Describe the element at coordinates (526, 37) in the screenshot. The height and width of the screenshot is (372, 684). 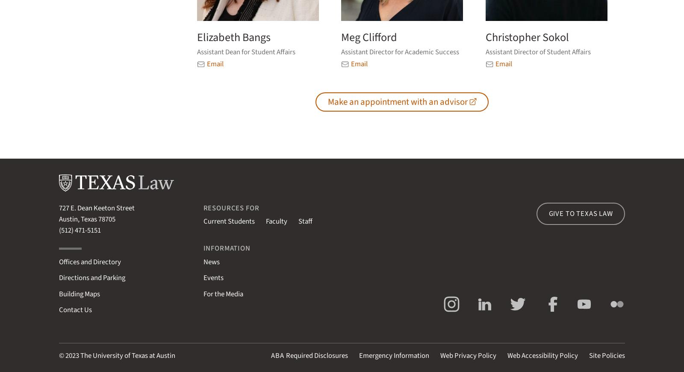
I see `'Christopher Sokol'` at that location.